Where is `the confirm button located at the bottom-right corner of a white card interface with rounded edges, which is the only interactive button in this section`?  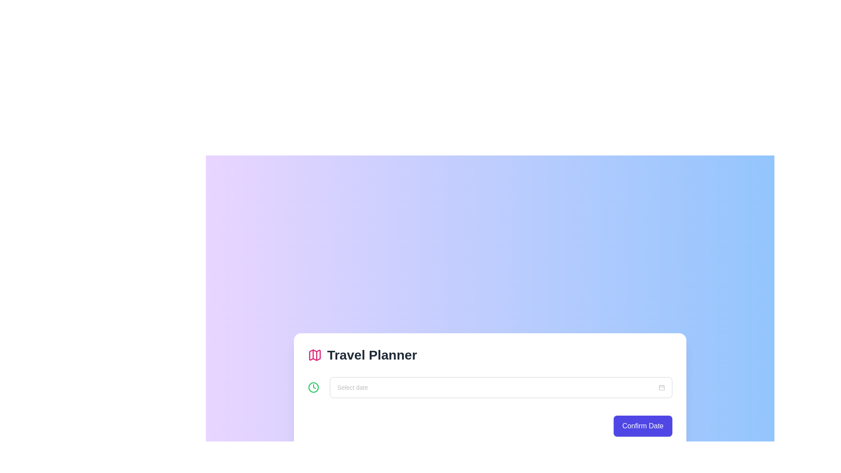
the confirm button located at the bottom-right corner of a white card interface with rounded edges, which is the only interactive button in this section is located at coordinates (643, 425).